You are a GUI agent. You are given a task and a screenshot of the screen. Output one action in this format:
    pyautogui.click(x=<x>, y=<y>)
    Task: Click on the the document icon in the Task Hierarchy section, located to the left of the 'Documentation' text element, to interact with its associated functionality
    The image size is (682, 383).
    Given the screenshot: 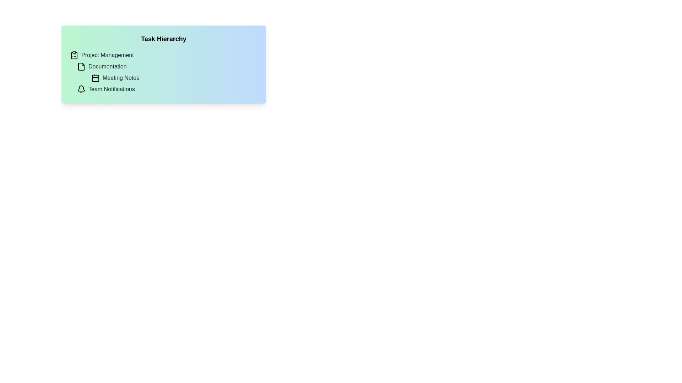 What is the action you would take?
    pyautogui.click(x=81, y=67)
    